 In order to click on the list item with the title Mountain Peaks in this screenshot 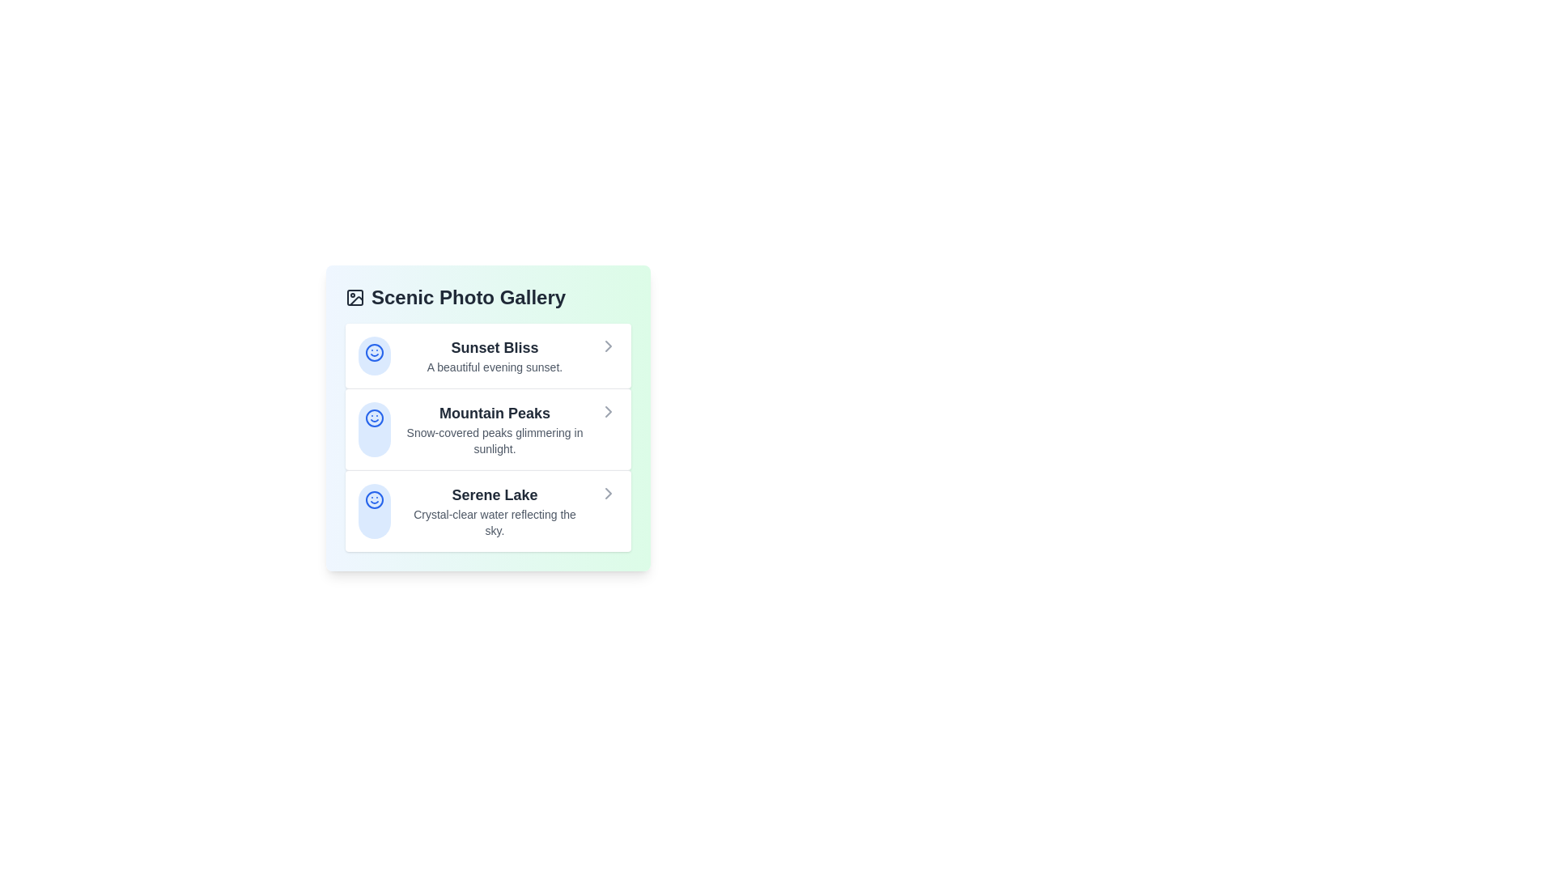, I will do `click(487, 428)`.